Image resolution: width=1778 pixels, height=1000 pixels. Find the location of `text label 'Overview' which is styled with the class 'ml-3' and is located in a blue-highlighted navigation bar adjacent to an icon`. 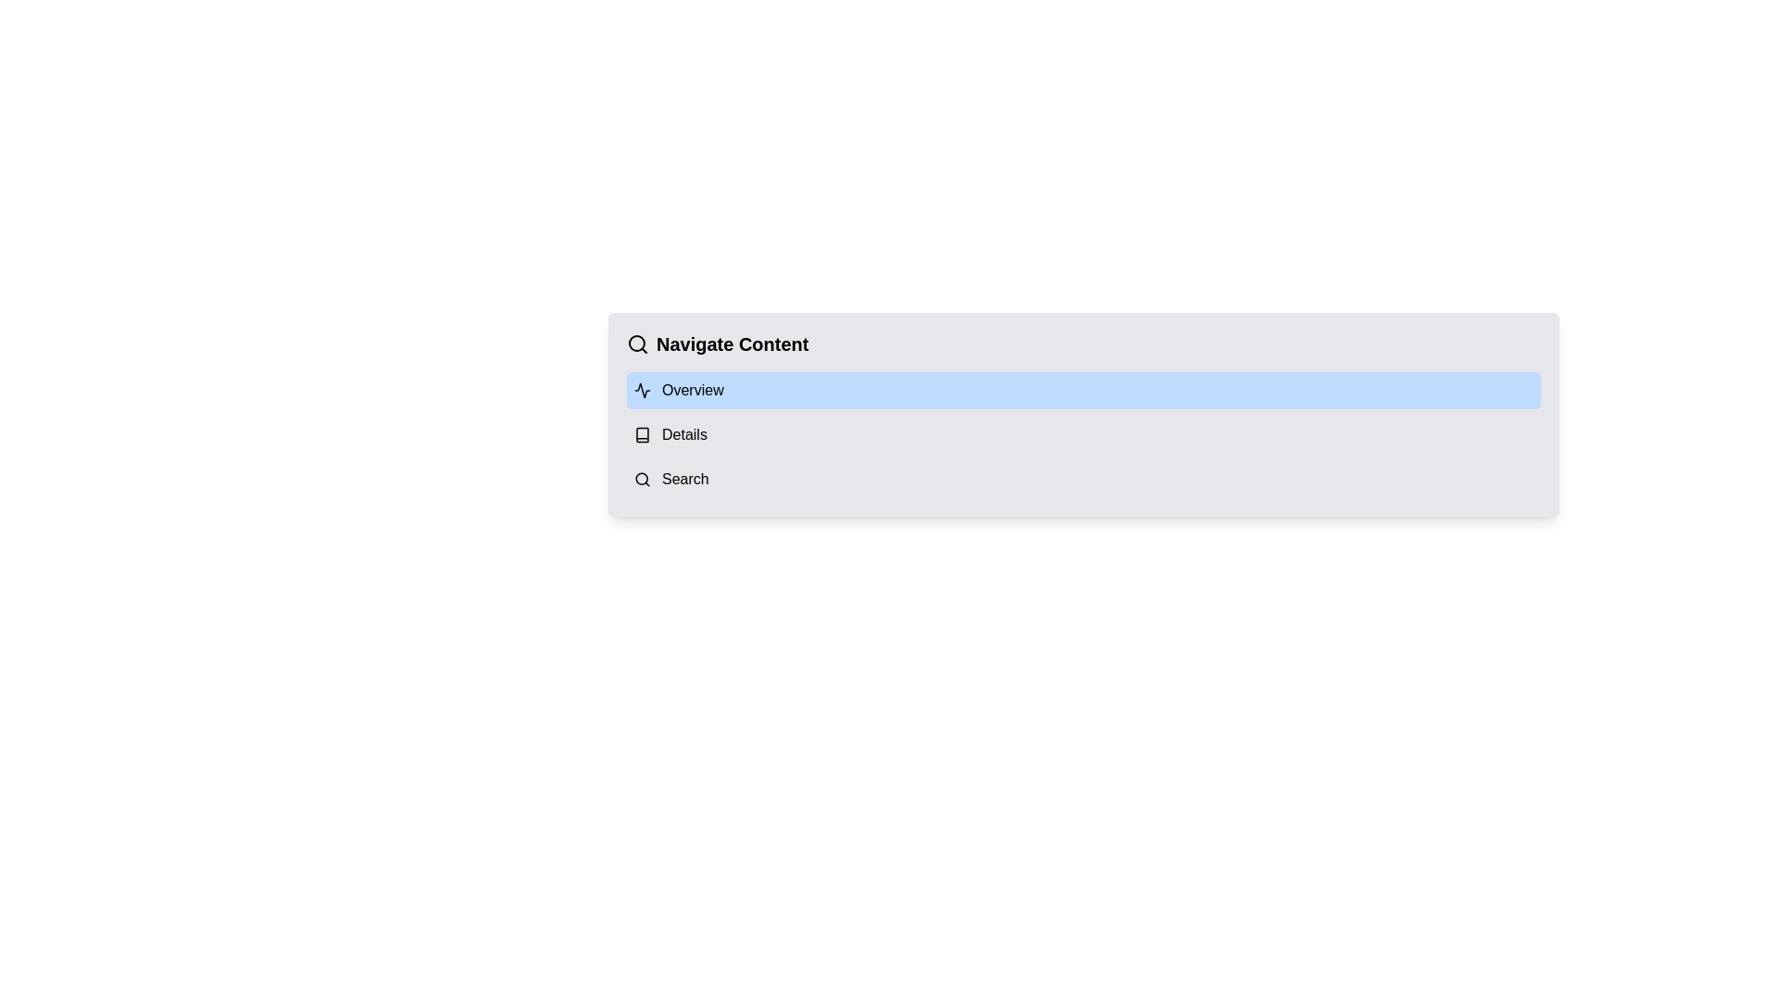

text label 'Overview' which is styled with the class 'ml-3' and is located in a blue-highlighted navigation bar adjacent to an icon is located at coordinates (692, 389).